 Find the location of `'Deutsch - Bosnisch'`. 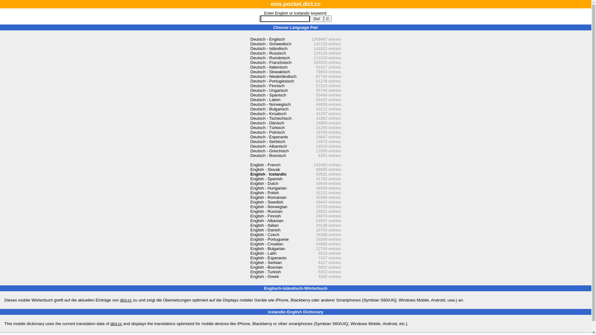

'Deutsch - Bosnisch' is located at coordinates (268, 155).